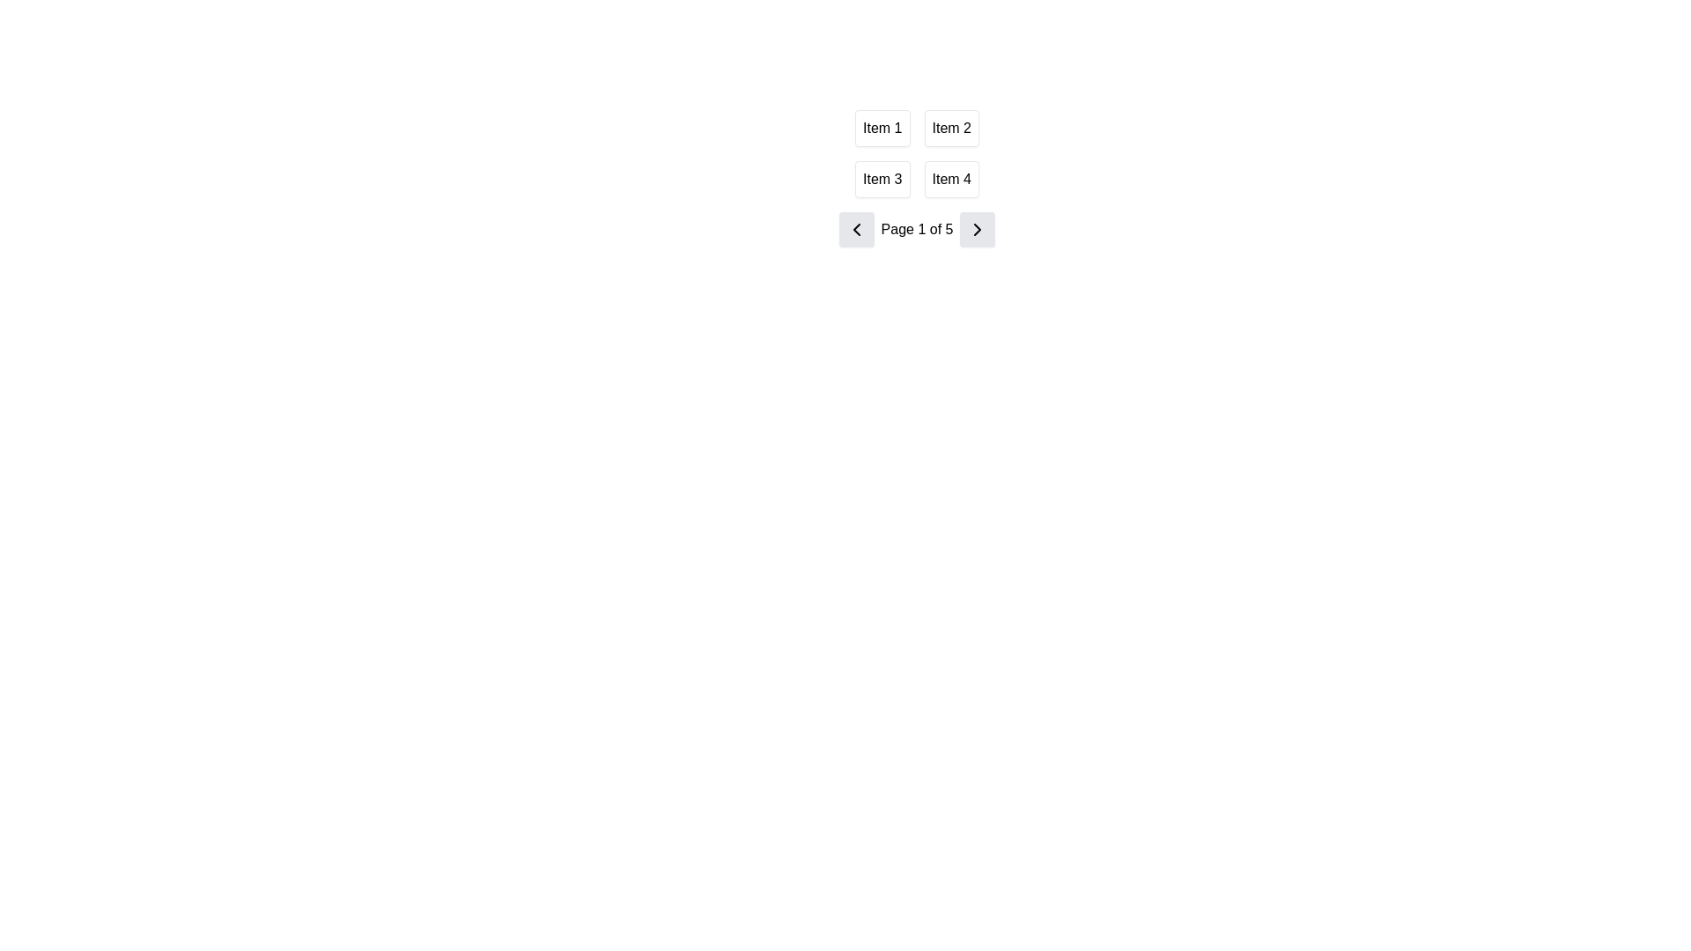 This screenshot has height=951, width=1691. What do you see at coordinates (916, 229) in the screenshot?
I see `text content of the pagination control's current page number label, which is centrally located below the grid of items` at bounding box center [916, 229].